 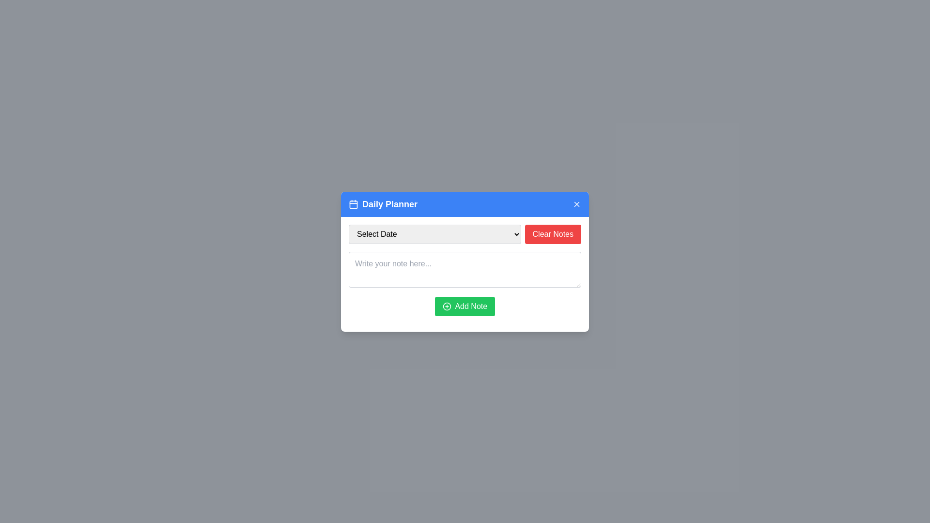 What do you see at coordinates (576, 203) in the screenshot?
I see `the close or dismiss icon located in the top-right corner of the blue header of the dialog box` at bounding box center [576, 203].